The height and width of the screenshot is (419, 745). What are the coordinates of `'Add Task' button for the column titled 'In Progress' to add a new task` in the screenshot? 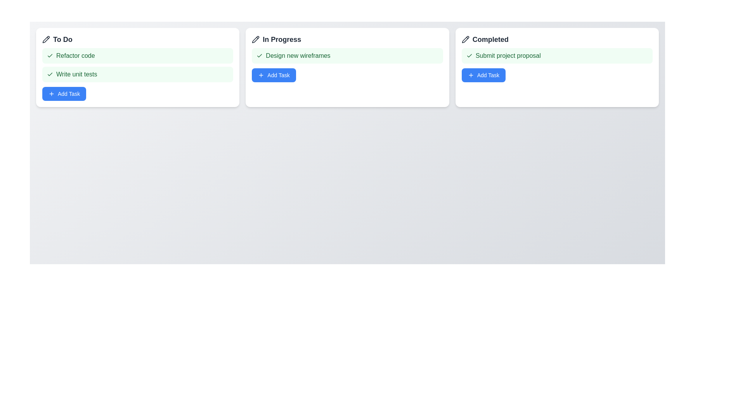 It's located at (274, 75).